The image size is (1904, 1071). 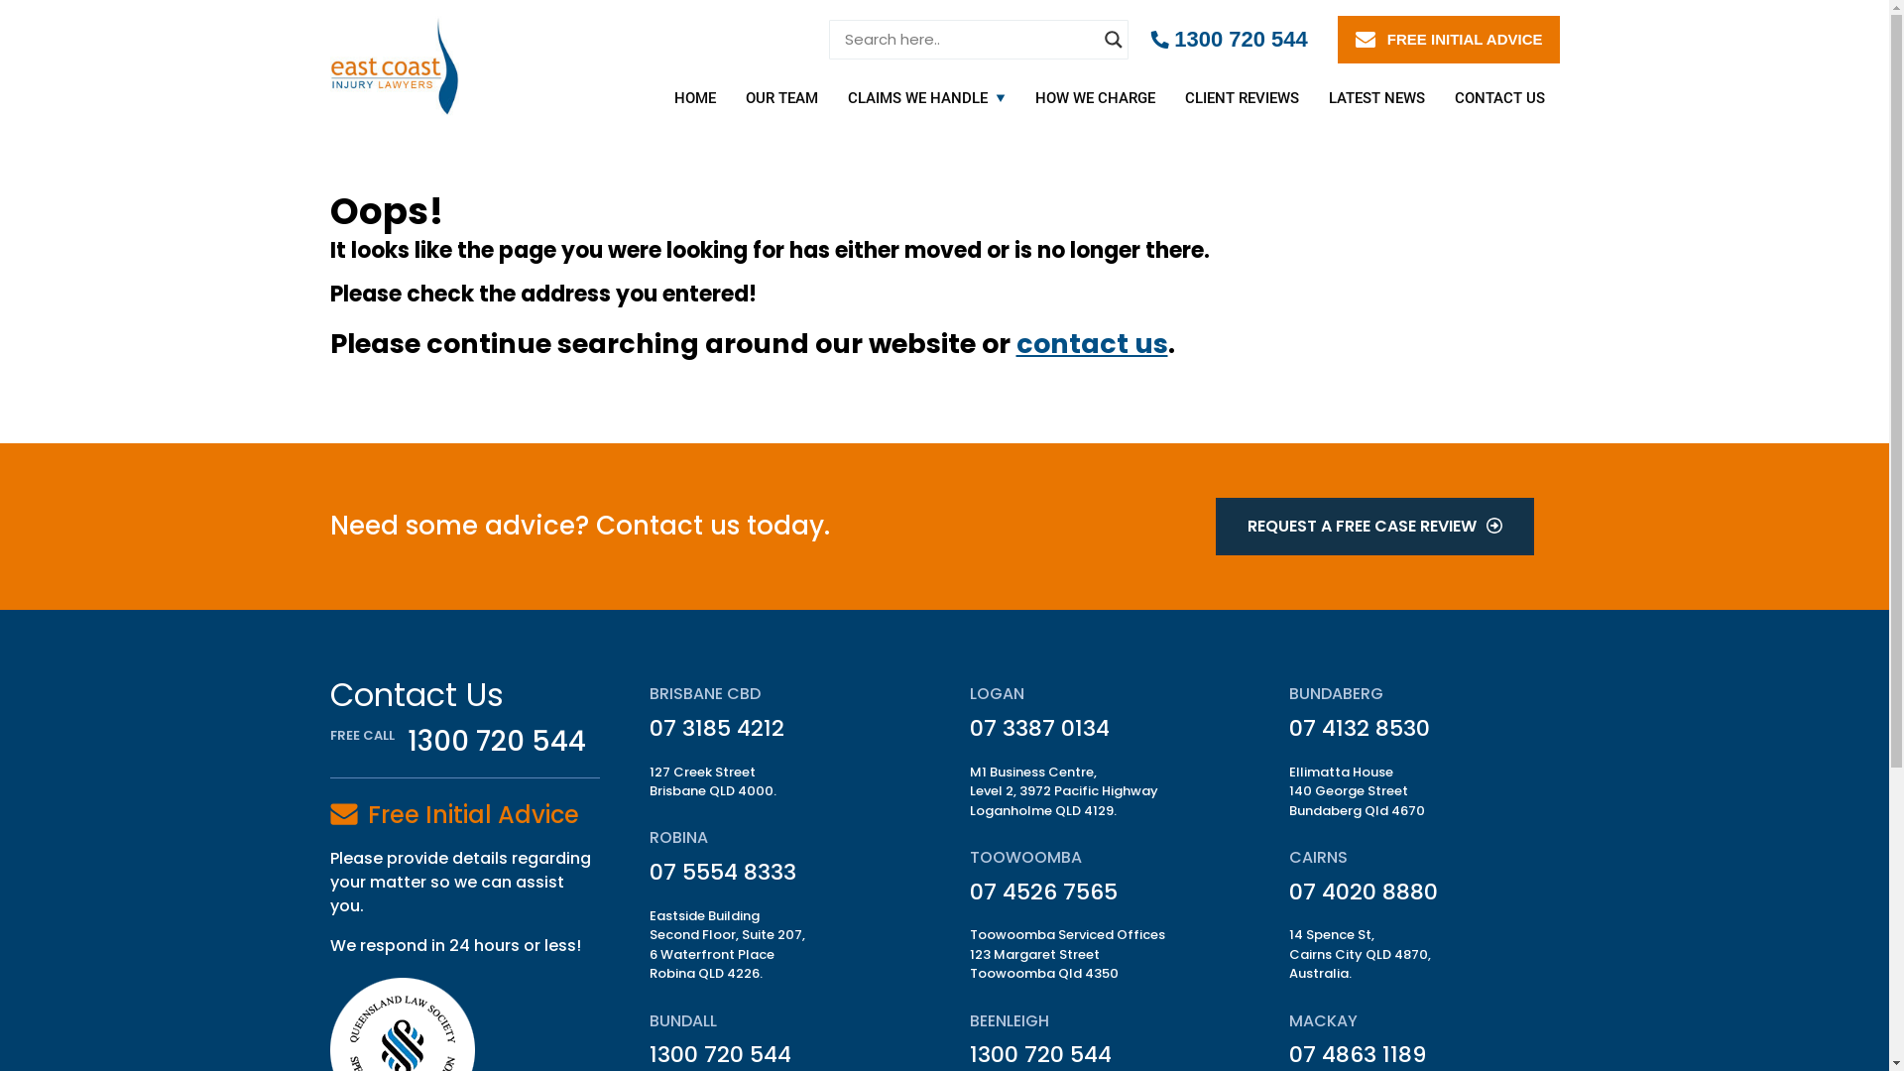 I want to click on 'Free Initial Advice', so click(x=471, y=814).